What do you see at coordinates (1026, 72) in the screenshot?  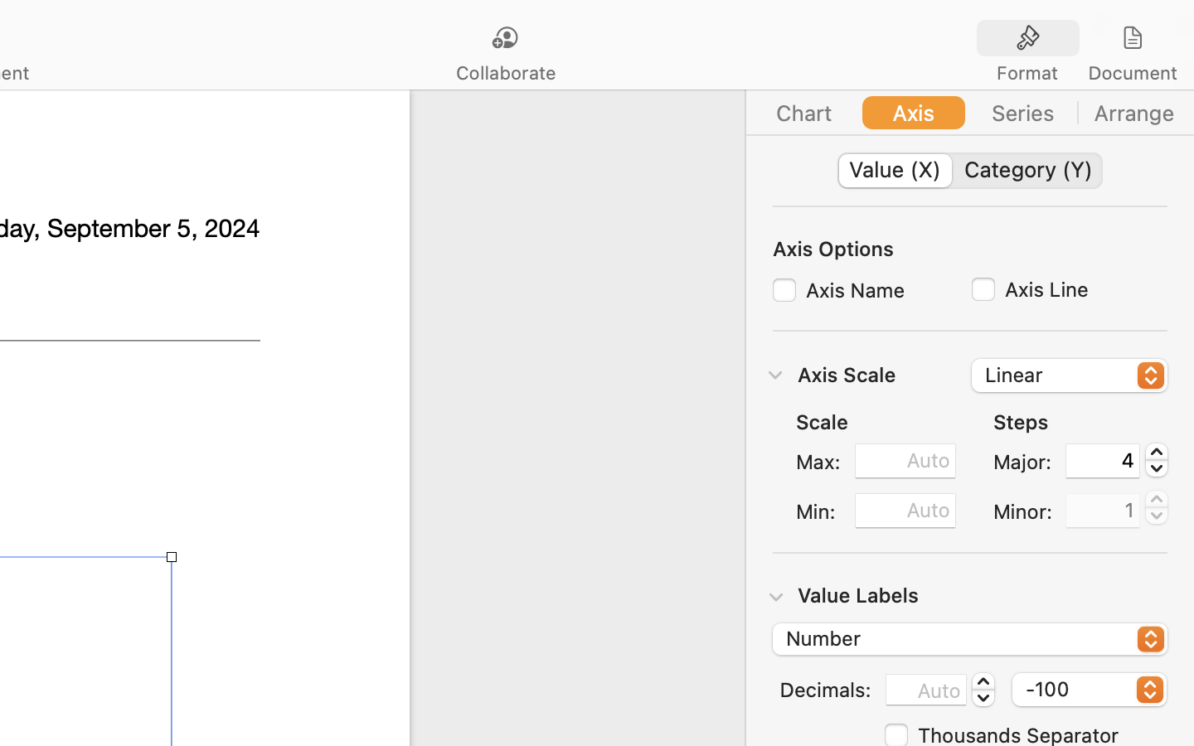 I see `'Format'` at bounding box center [1026, 72].